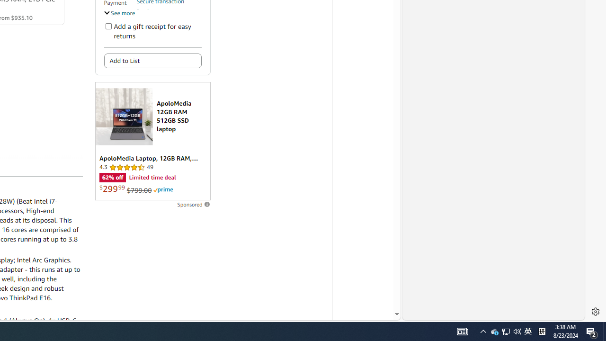  Describe the element at coordinates (152, 61) in the screenshot. I see `'Add to List'` at that location.